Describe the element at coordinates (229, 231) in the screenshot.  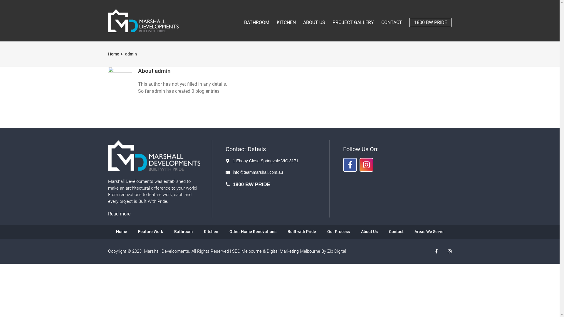
I see `'Other Home Renovations'` at that location.